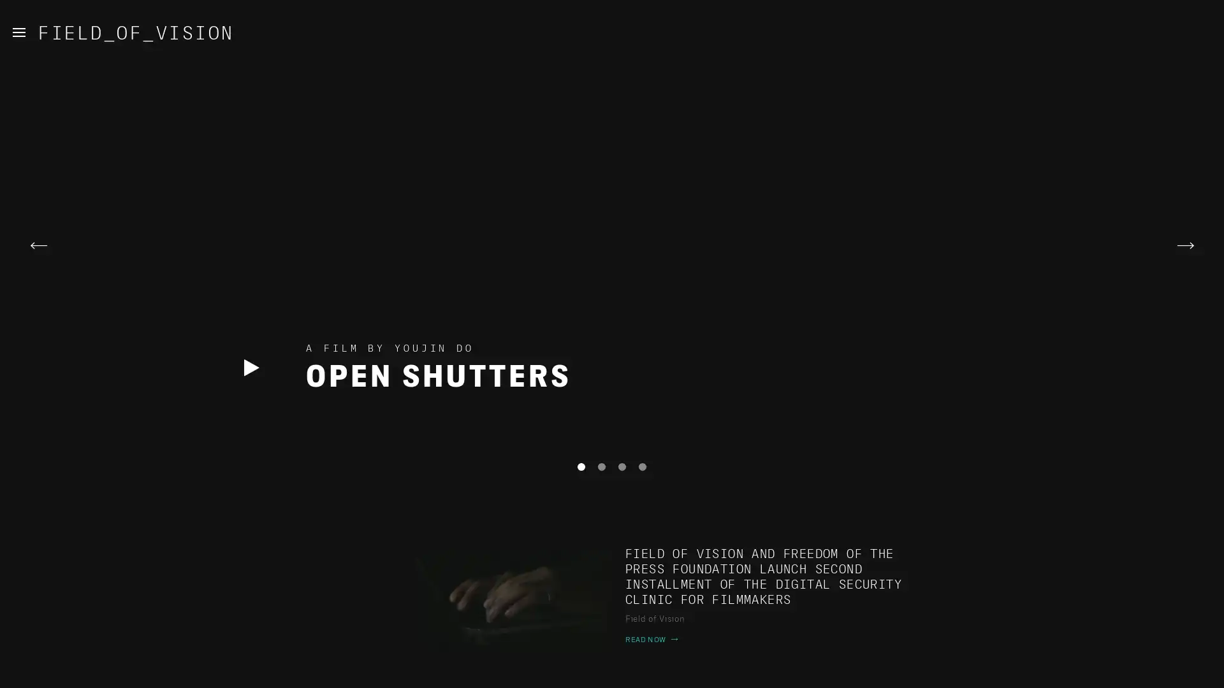 The height and width of the screenshot is (688, 1224). Describe the element at coordinates (627, 670) in the screenshot. I see `SUBMIT` at that location.